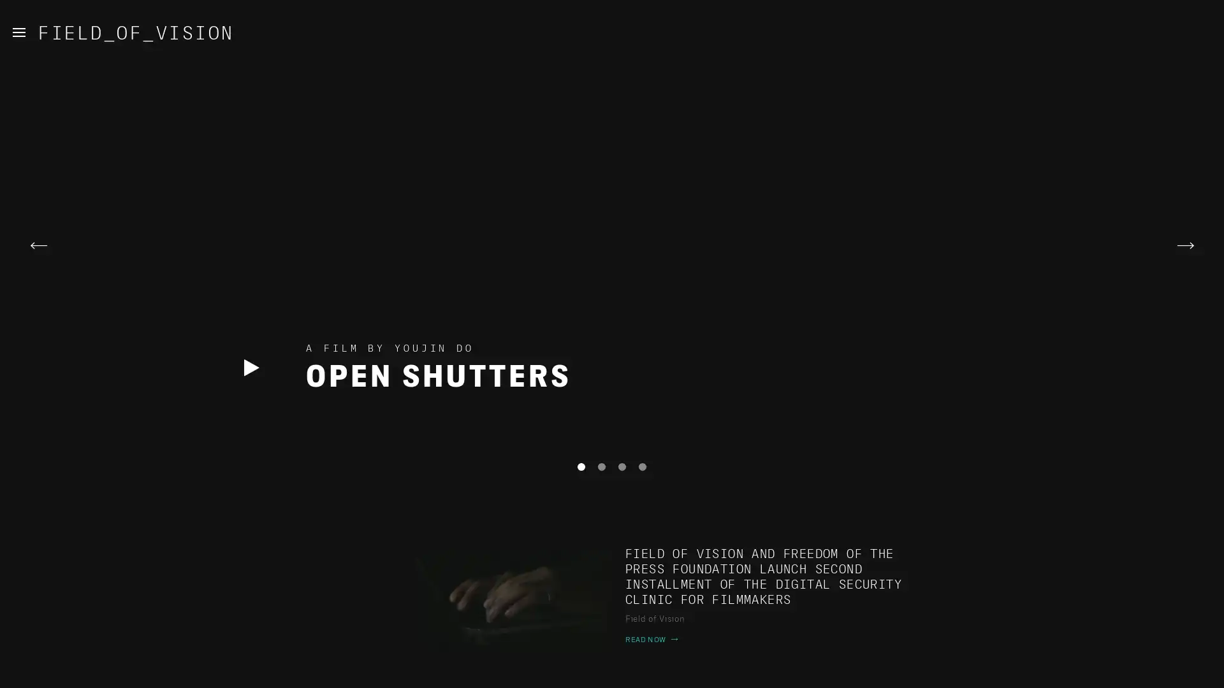 The height and width of the screenshot is (688, 1224). Describe the element at coordinates (627, 670) in the screenshot. I see `SUBMIT` at that location.